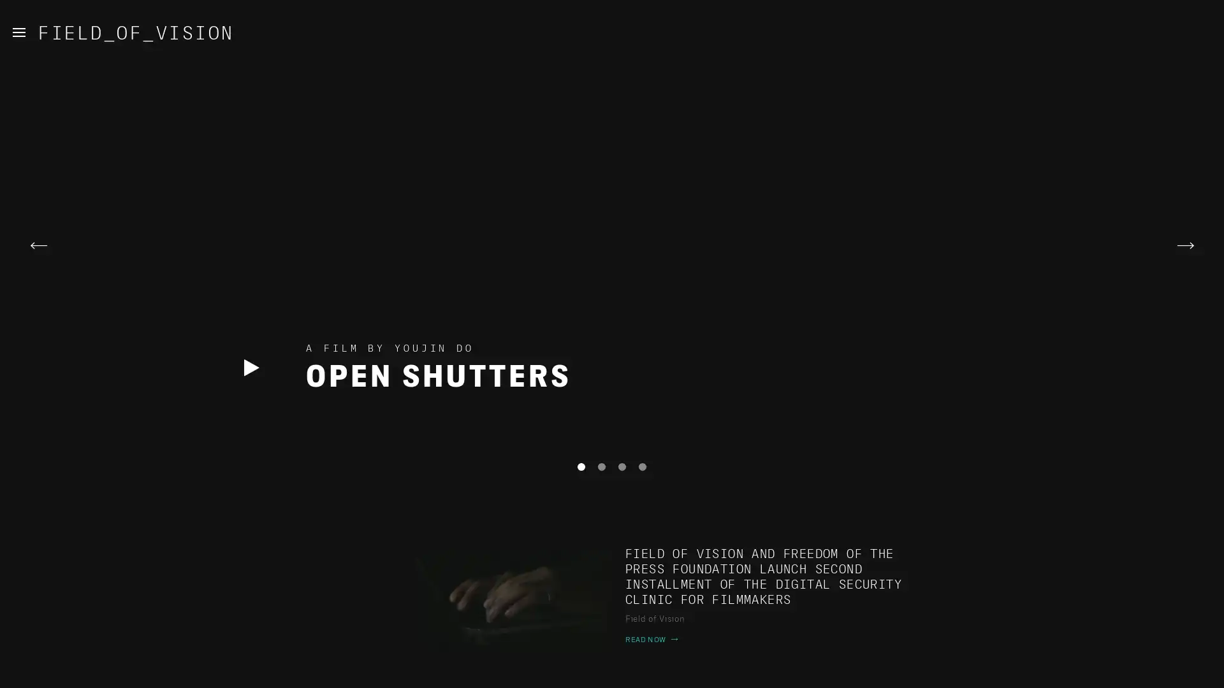 The height and width of the screenshot is (688, 1224). Describe the element at coordinates (627, 670) in the screenshot. I see `SUBMIT` at that location.